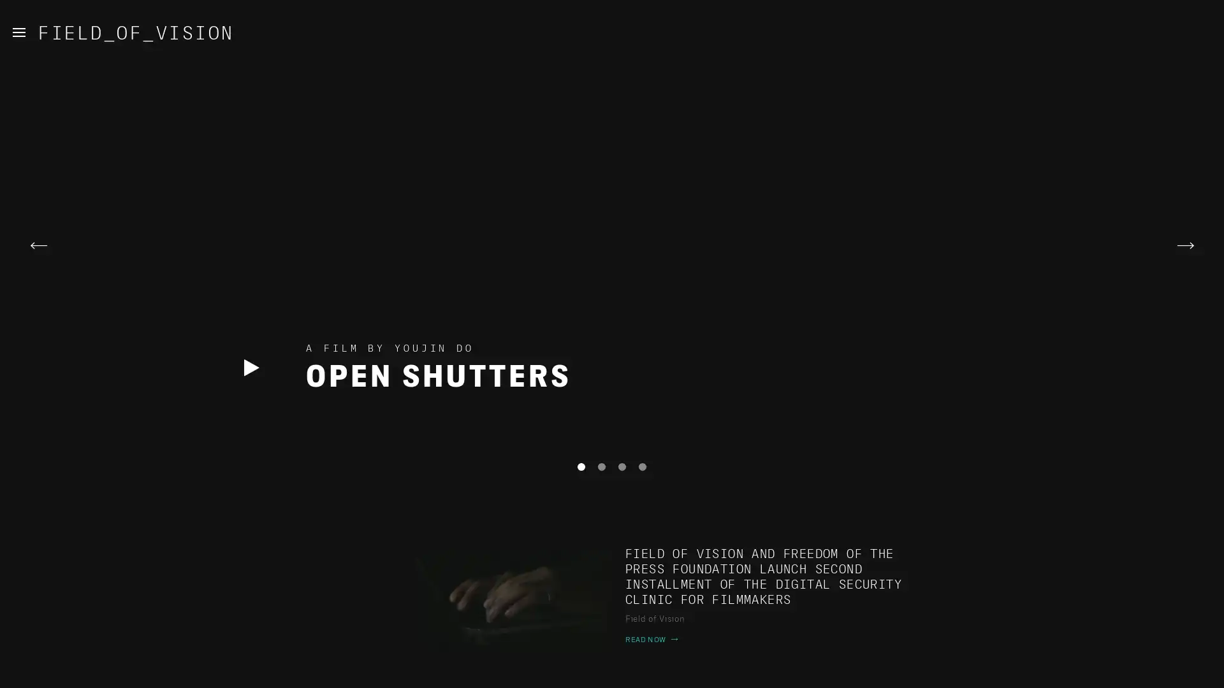 The height and width of the screenshot is (688, 1224). Describe the element at coordinates (627, 670) in the screenshot. I see `SUBMIT` at that location.